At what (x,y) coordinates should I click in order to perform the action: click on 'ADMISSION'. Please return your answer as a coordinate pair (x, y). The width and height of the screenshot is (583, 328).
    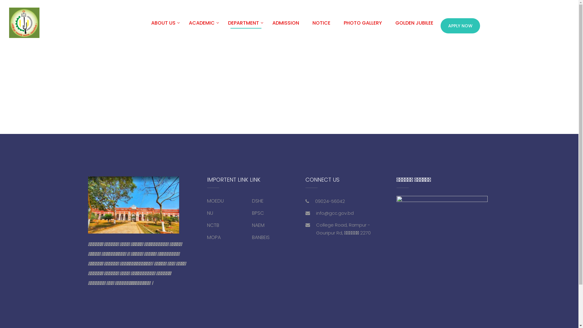
    Looking at the image, I should click on (285, 25).